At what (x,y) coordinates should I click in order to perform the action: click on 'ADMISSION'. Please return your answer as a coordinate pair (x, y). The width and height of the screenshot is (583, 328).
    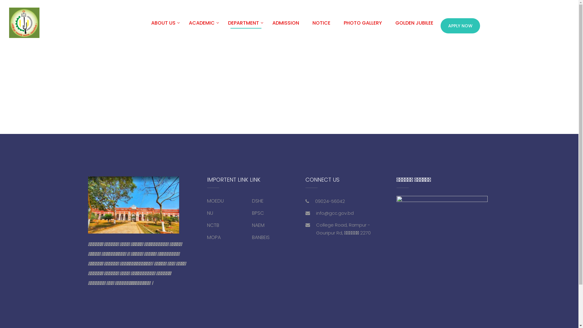
    Looking at the image, I should click on (285, 25).